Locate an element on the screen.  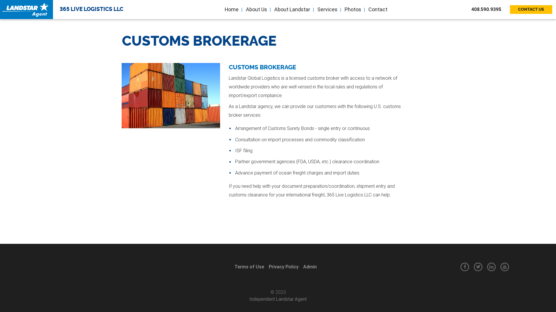
'Admin' is located at coordinates (310, 267).